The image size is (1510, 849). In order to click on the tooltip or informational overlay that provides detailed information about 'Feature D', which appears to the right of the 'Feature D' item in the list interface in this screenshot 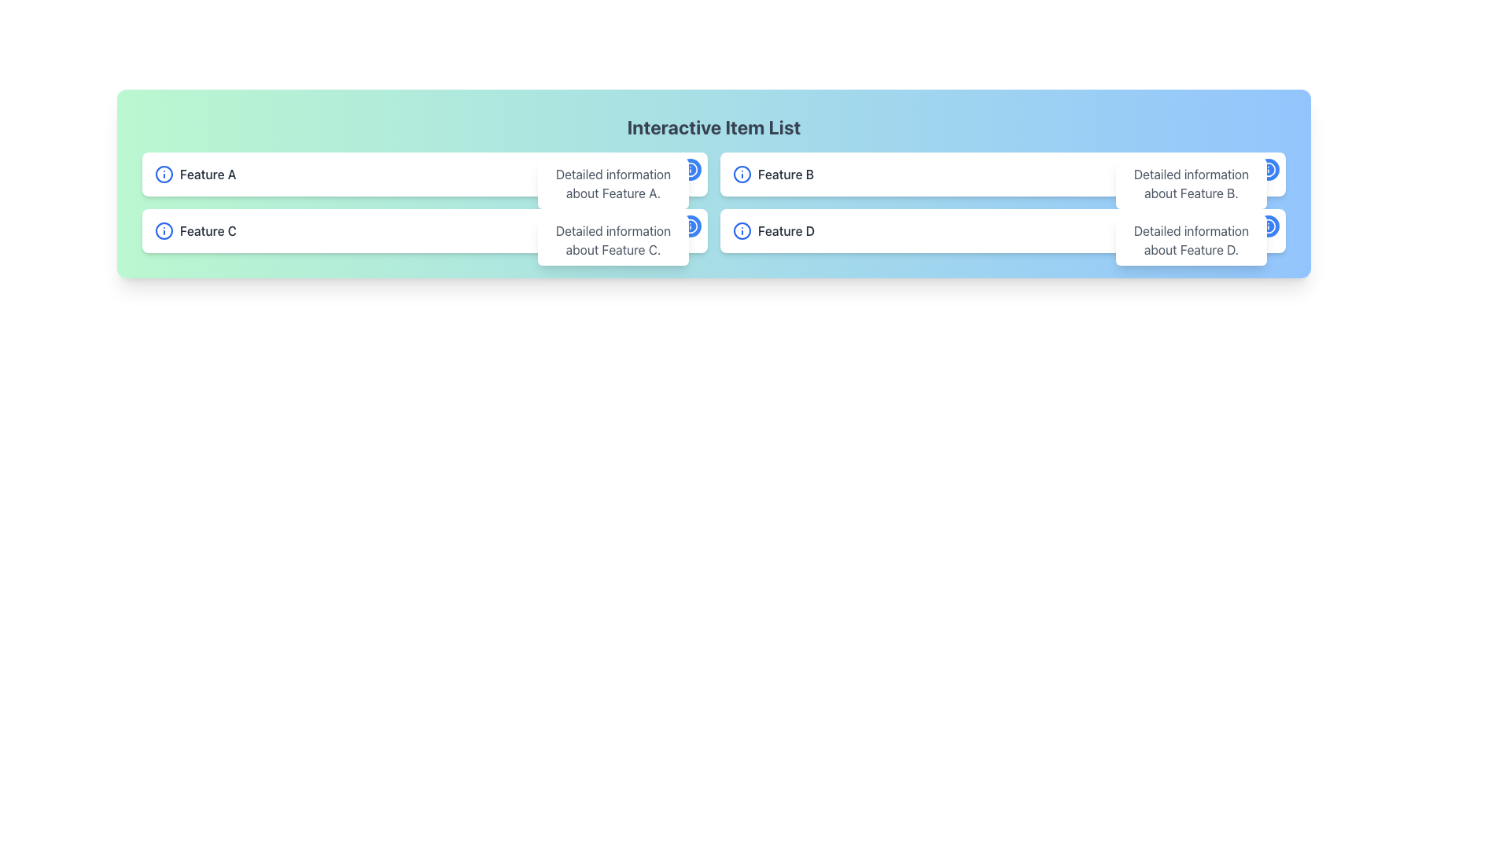, I will do `click(1191, 240)`.